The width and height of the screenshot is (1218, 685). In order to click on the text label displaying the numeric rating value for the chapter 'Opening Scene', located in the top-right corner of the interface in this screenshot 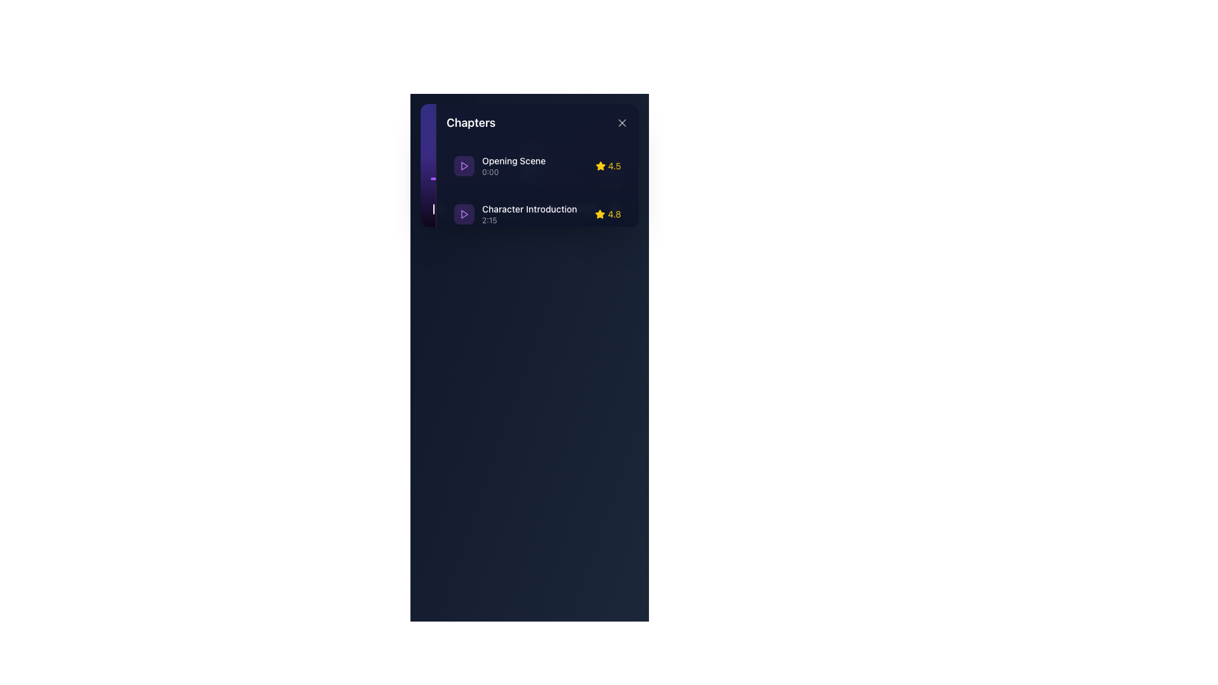, I will do `click(614, 166)`.